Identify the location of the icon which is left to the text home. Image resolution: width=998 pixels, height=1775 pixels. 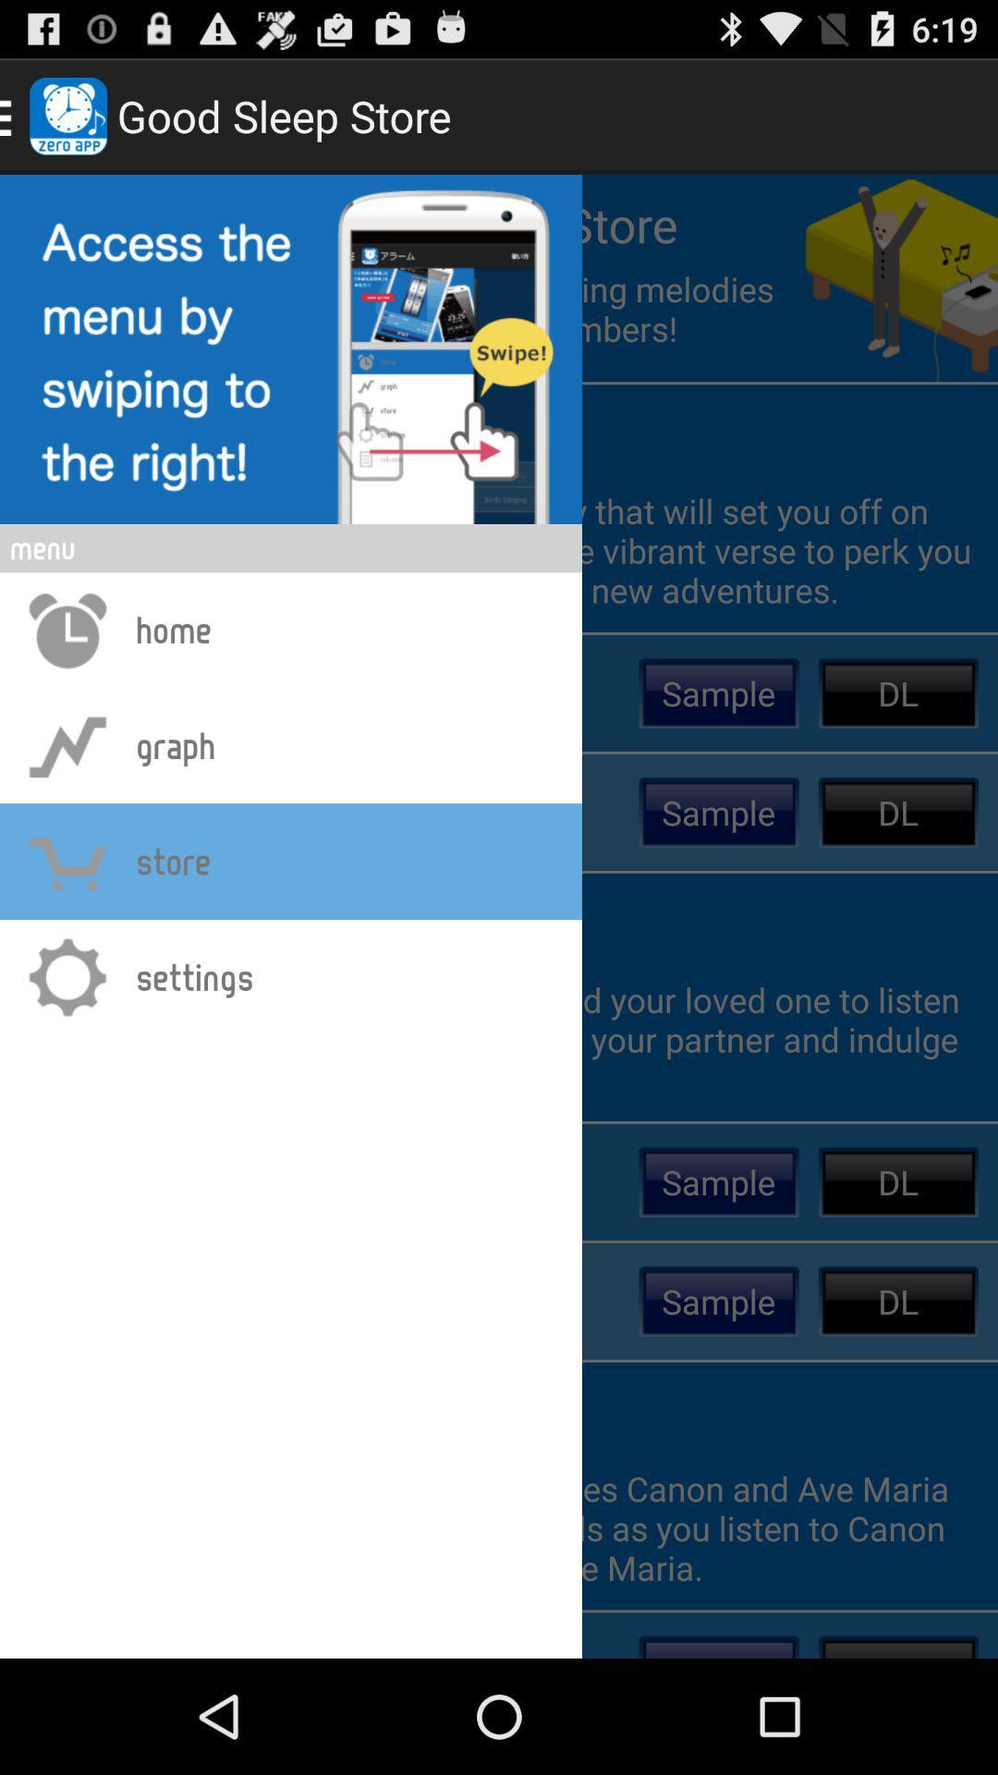
(67, 630).